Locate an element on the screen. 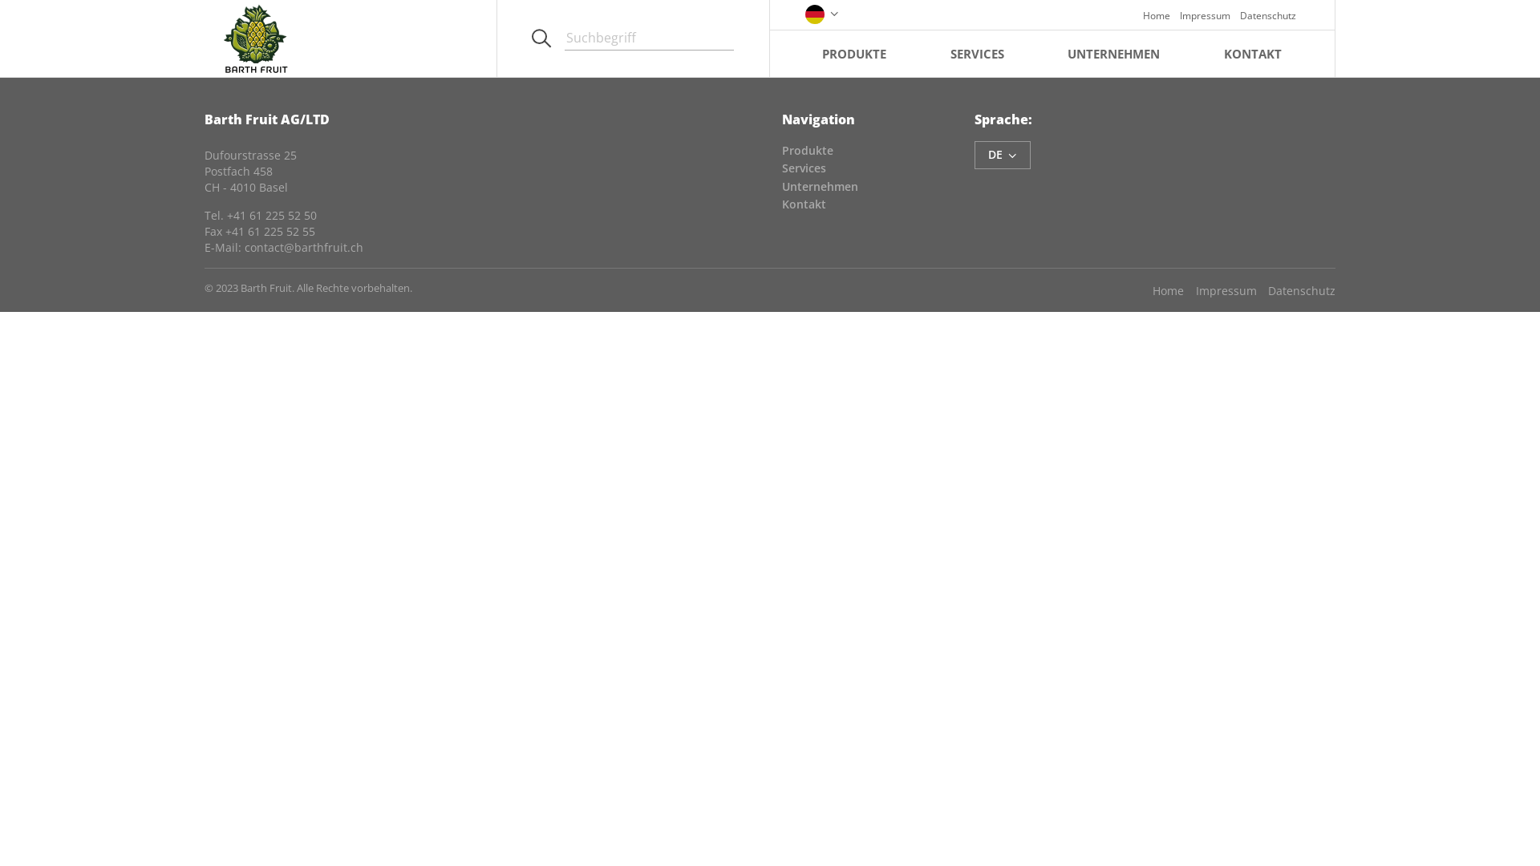 The width and height of the screenshot is (1540, 866). 'Unternehmen' is located at coordinates (820, 185).